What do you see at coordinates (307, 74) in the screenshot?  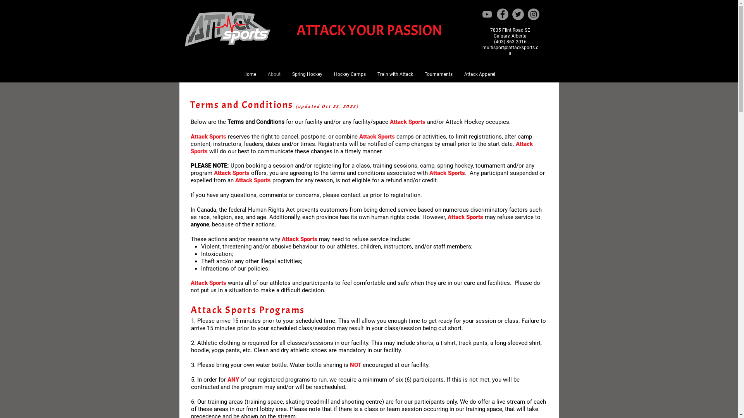 I see `'Spring Hockey'` at bounding box center [307, 74].